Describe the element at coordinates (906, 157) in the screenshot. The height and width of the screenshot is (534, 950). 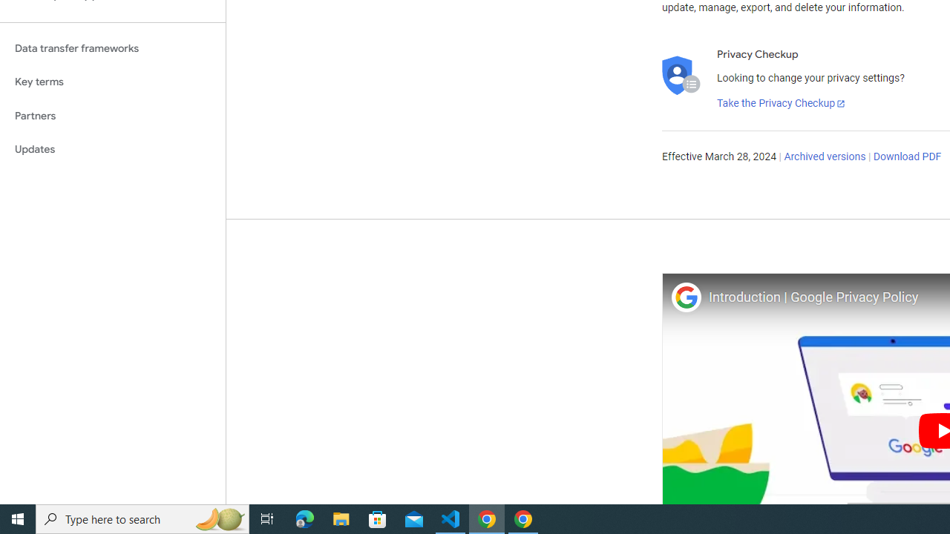
I see `'Download PDF'` at that location.